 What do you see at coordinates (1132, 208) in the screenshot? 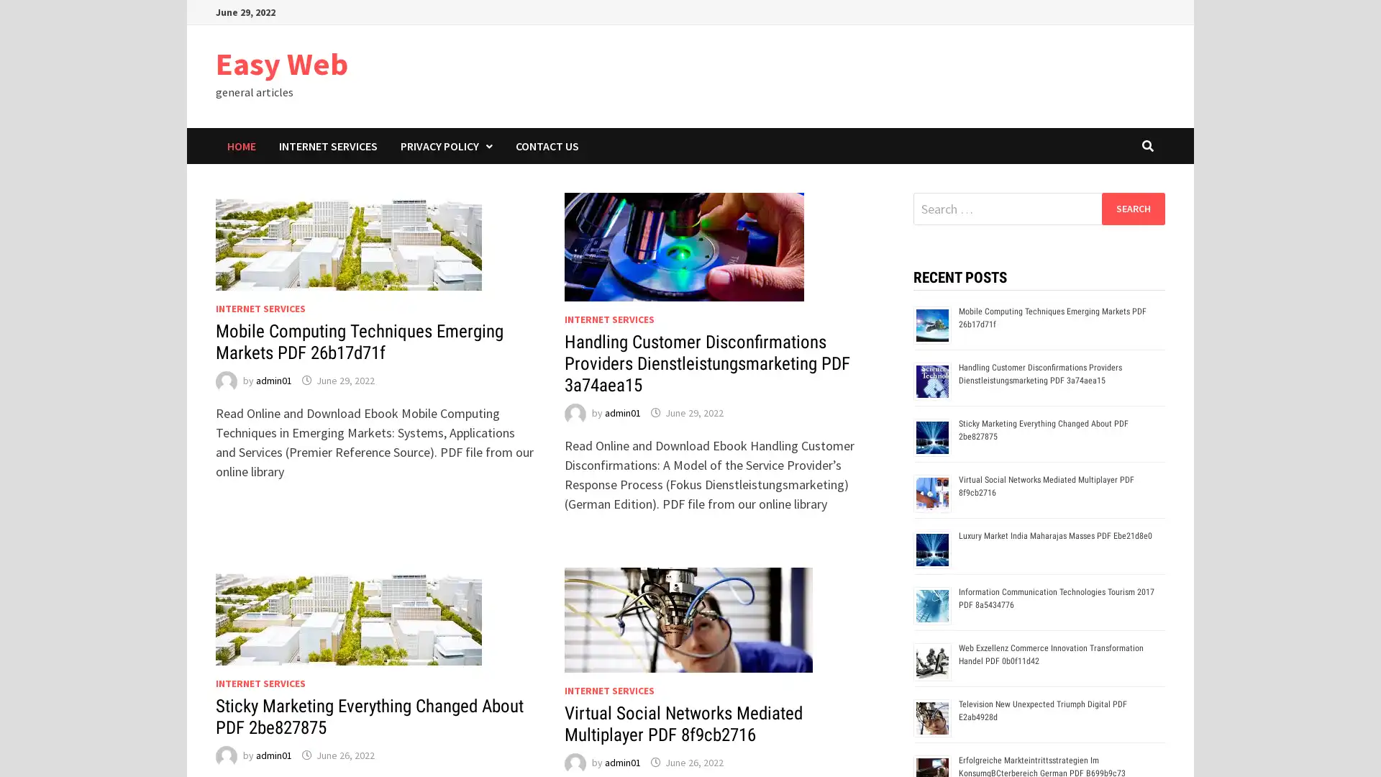
I see `Search` at bounding box center [1132, 208].